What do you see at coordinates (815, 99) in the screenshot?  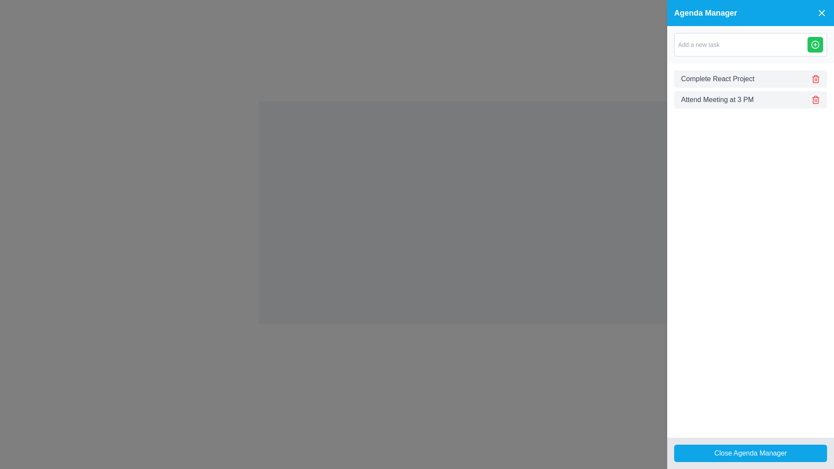 I see `the delete button icon located on the right side of the 'Attend Meeting at 3 PM' task entry in the 'Agenda Manager' panel` at bounding box center [815, 99].